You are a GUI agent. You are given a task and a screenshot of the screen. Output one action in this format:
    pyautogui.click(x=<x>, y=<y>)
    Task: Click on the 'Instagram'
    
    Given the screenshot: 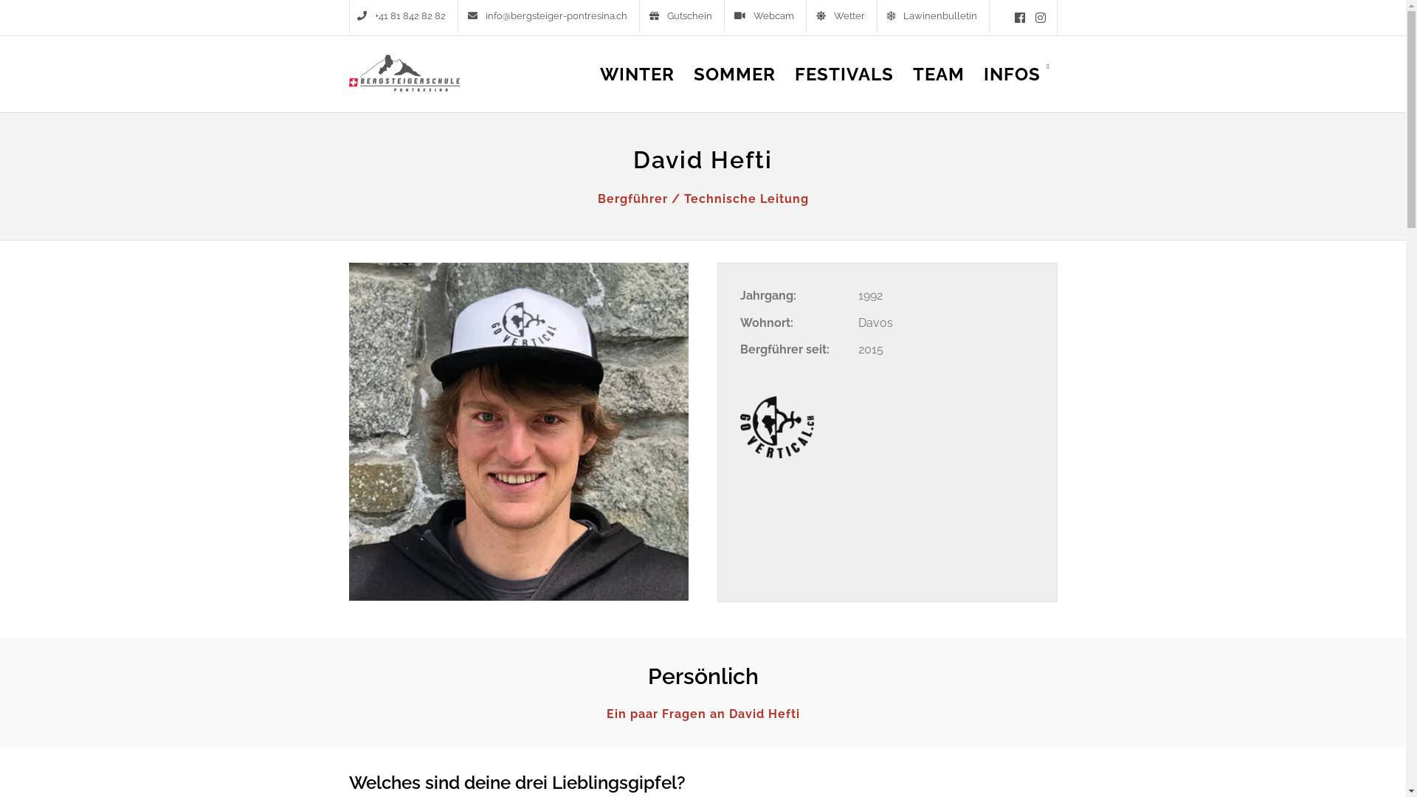 What is the action you would take?
    pyautogui.click(x=1039, y=17)
    